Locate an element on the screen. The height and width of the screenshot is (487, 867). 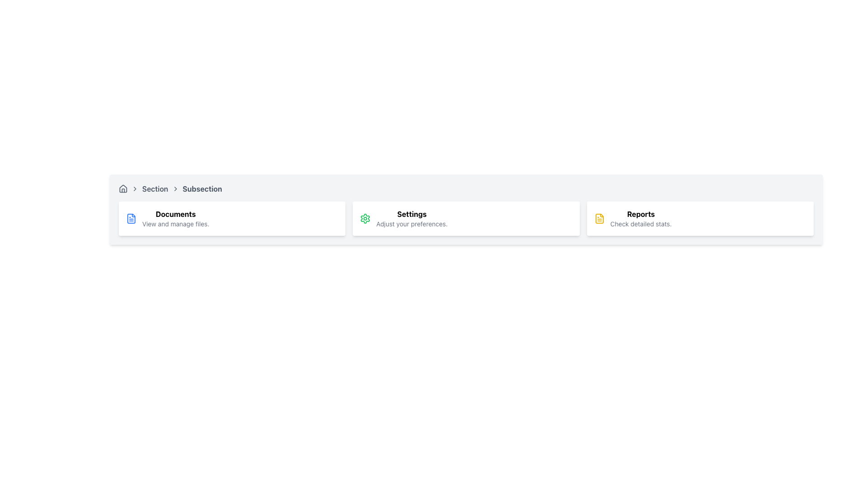
the text label located in the rightmost card below the yellow document icon is located at coordinates (640, 219).